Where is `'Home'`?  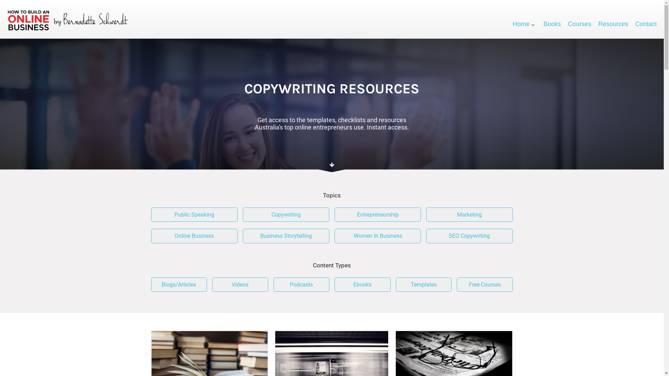
'Home' is located at coordinates (525, 24).